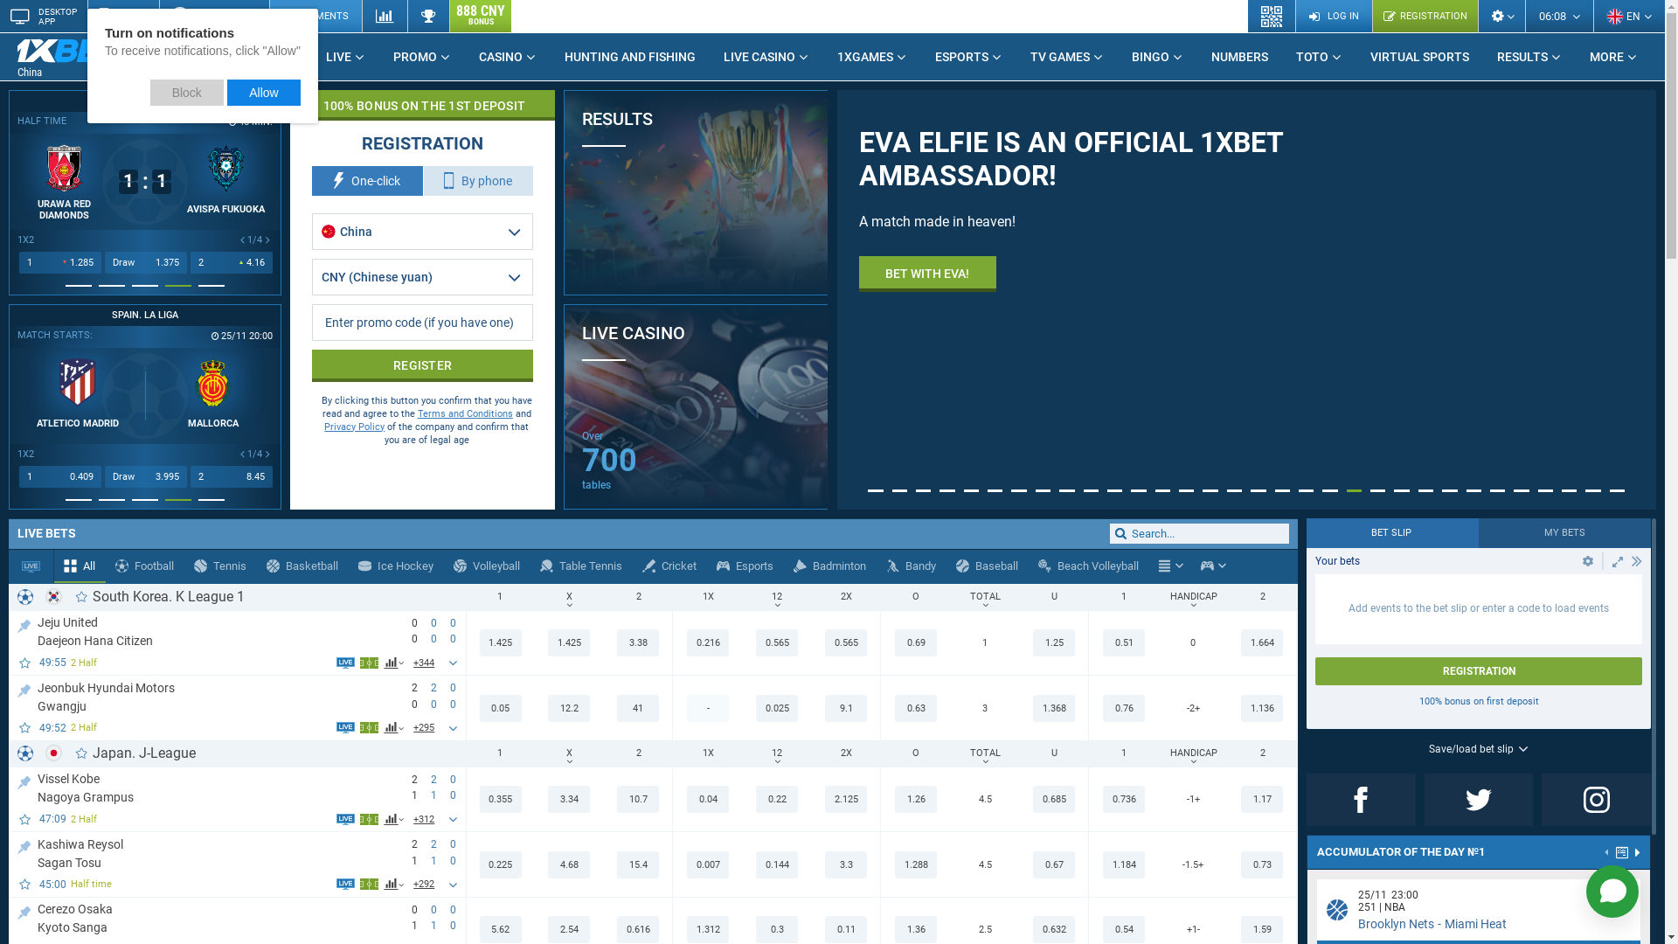 Image resolution: width=1678 pixels, height=944 pixels. I want to click on 'Esports', so click(745, 566).